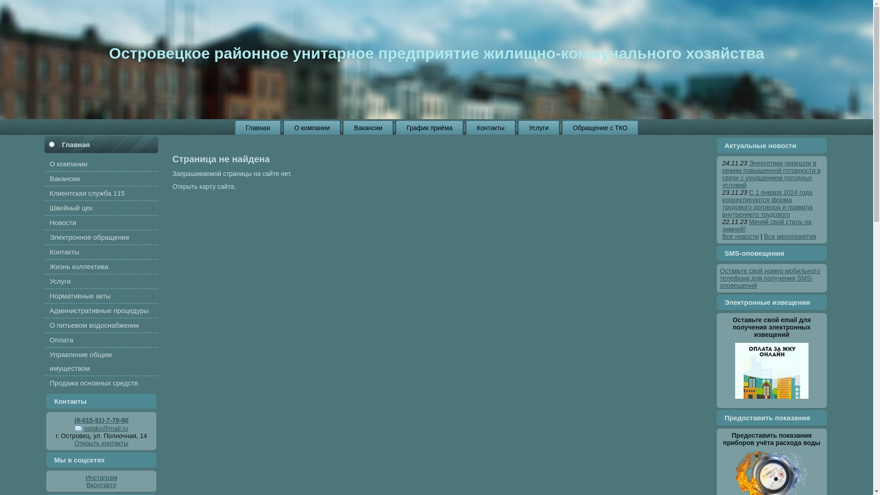 The height and width of the screenshot is (495, 880). What do you see at coordinates (101, 428) in the screenshot?
I see `'ostgkx@mail.ru'` at bounding box center [101, 428].